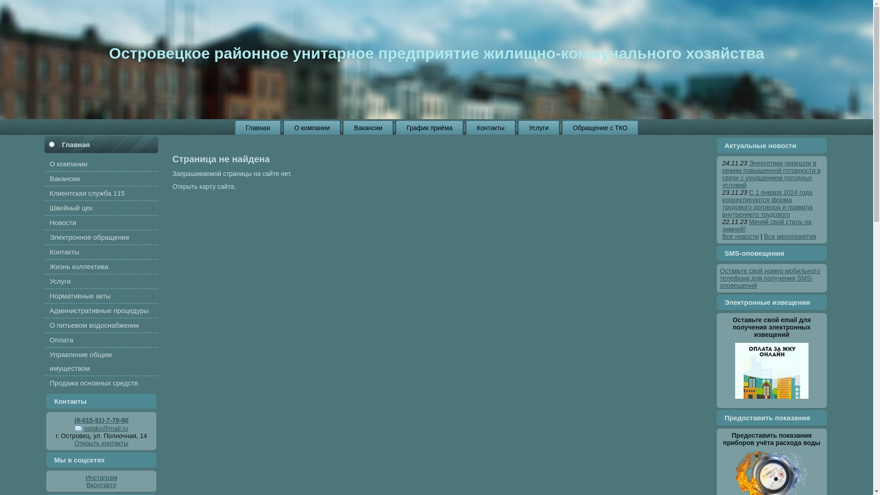 The height and width of the screenshot is (495, 880). What do you see at coordinates (101, 428) in the screenshot?
I see `'ostgkx@mail.ru'` at bounding box center [101, 428].